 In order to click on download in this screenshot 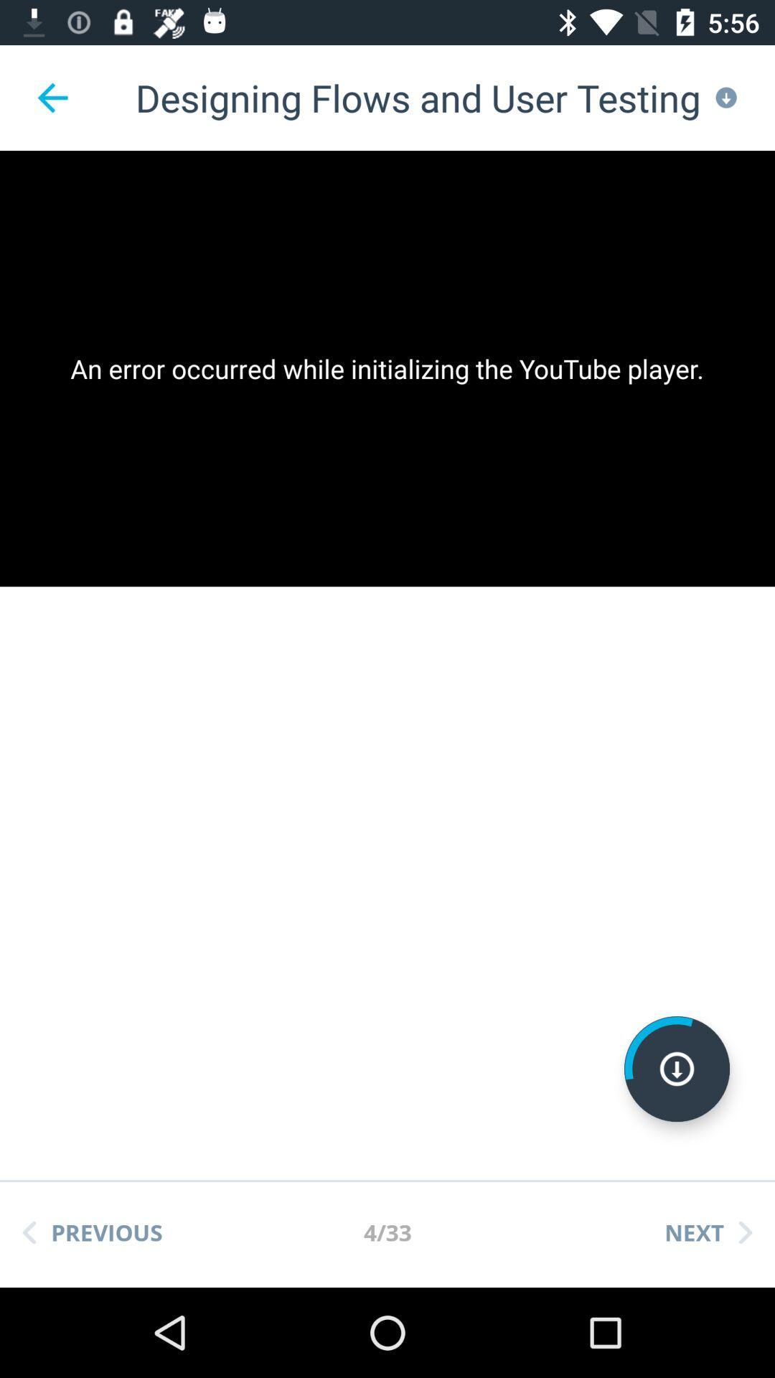, I will do `click(677, 1069)`.